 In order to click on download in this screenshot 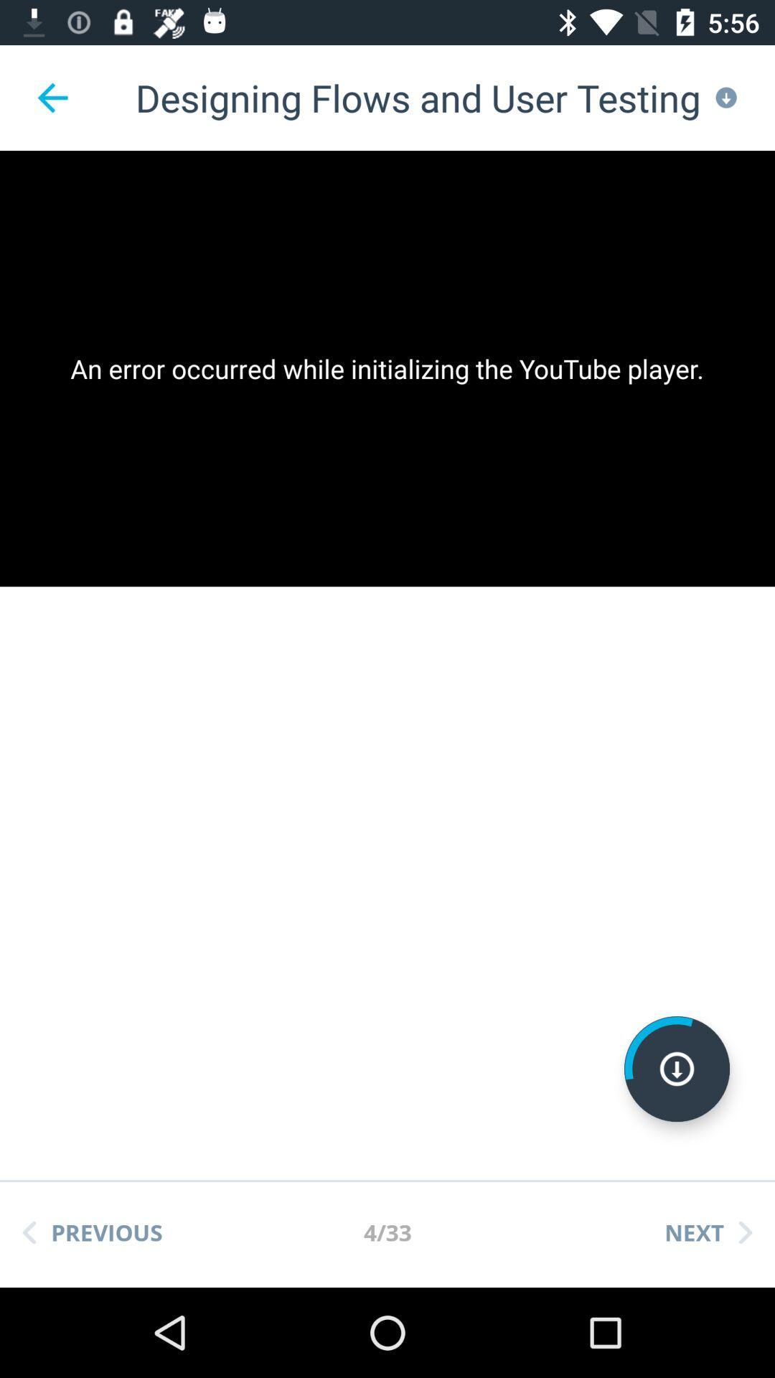, I will do `click(677, 1069)`.